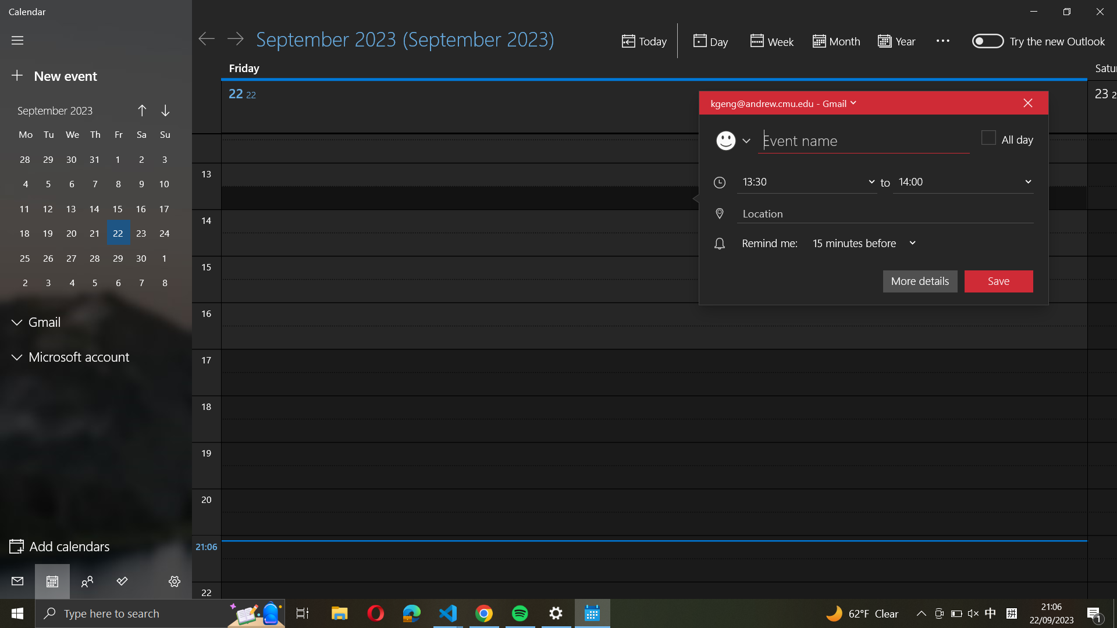 The image size is (1117, 628). I want to click on Display all associated email addresses for an event using click, so click(782, 102).